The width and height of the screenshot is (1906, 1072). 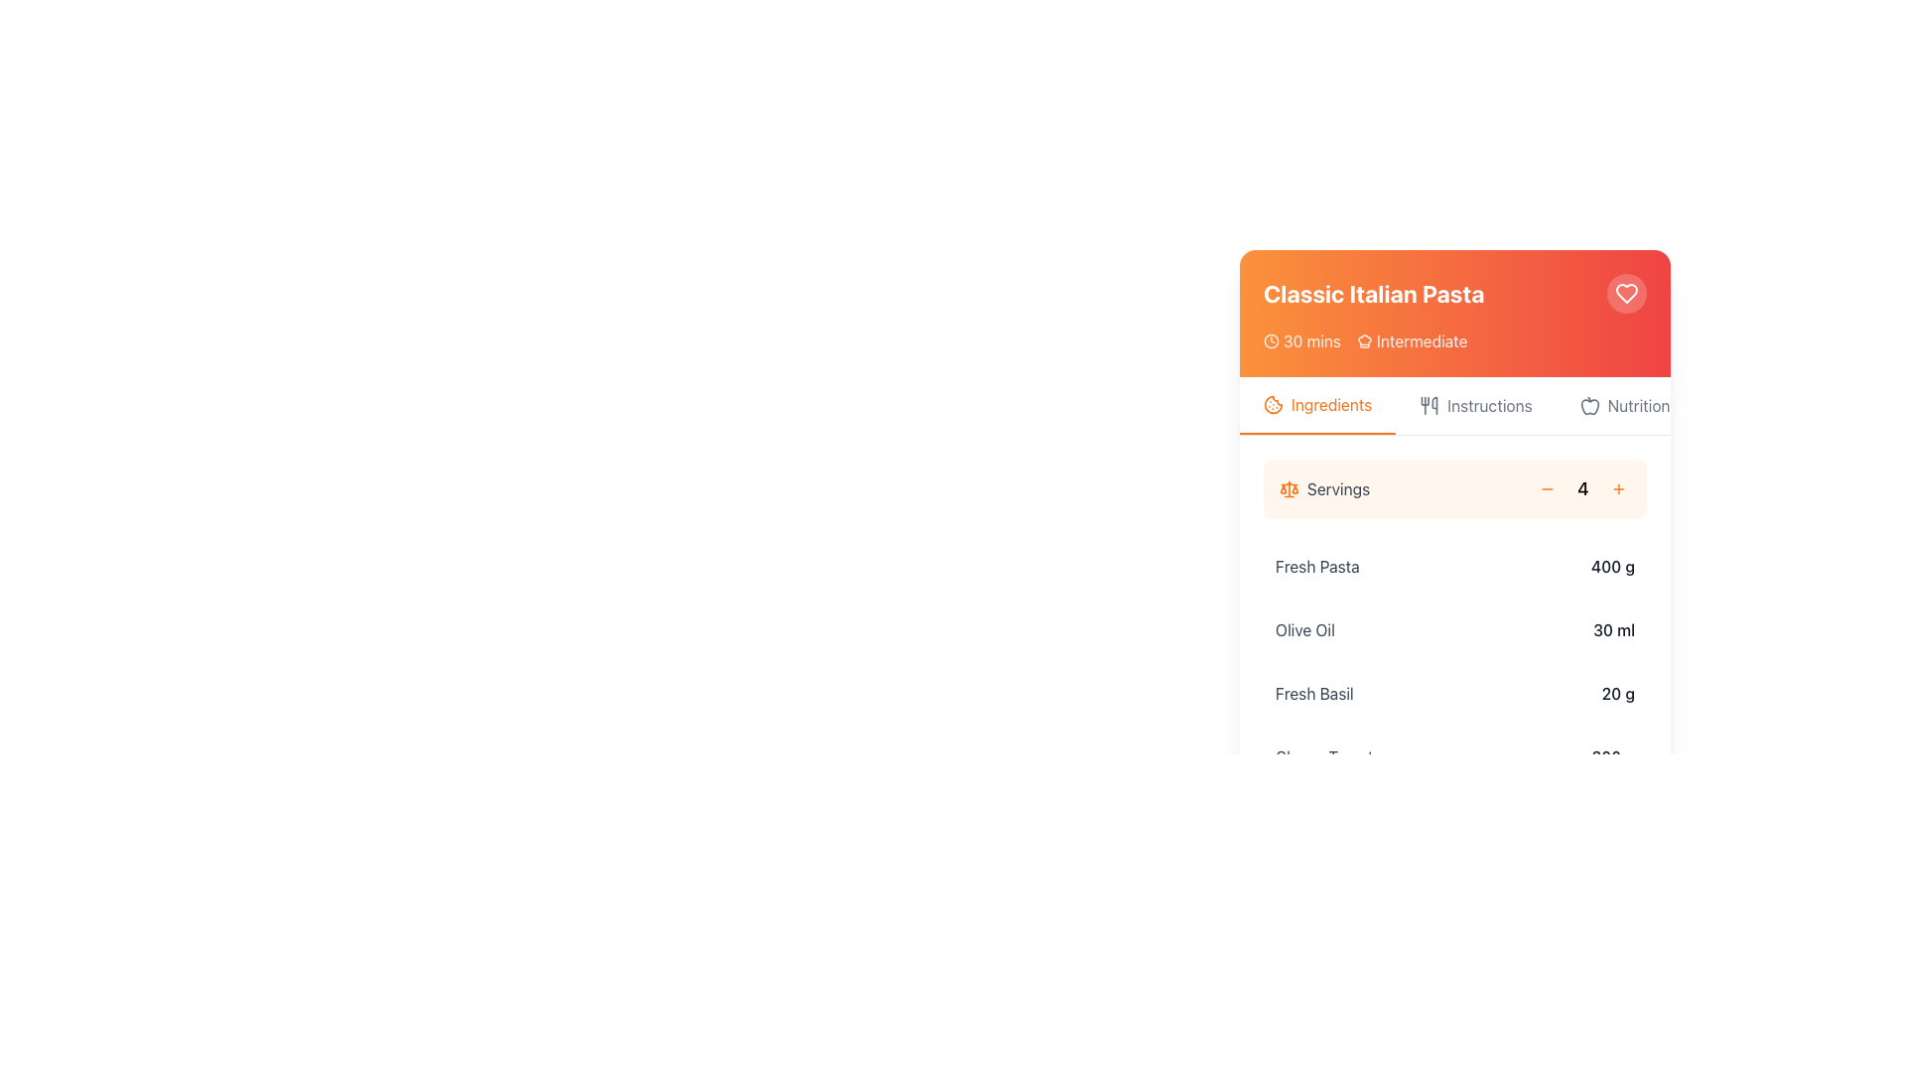 I want to click on the gray apple icon, which is the first element in the 'Nutrition' tab group, located to the left of the 'Nutrition' text label, so click(x=1589, y=404).